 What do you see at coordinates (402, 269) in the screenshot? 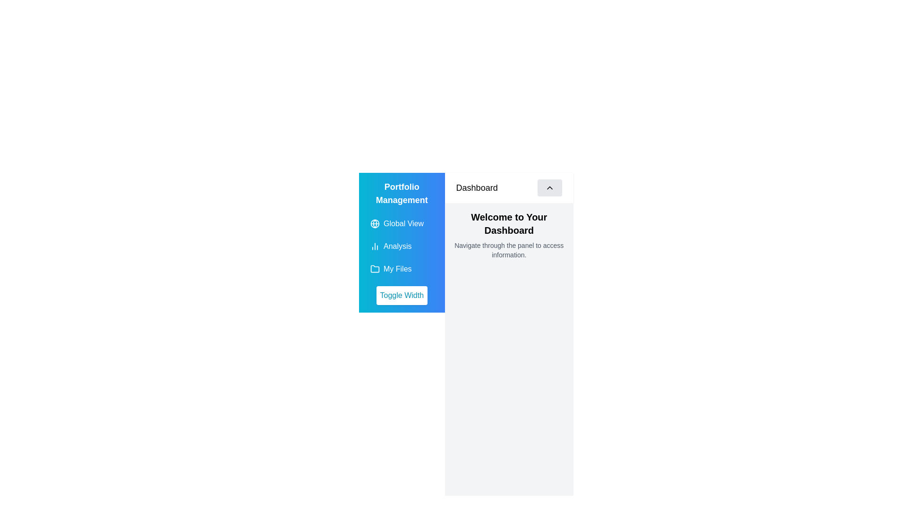
I see `the 'My Files' button in the vertical sidebar, which is located between the 'Analysis' and 'Toggle Width' buttons` at bounding box center [402, 269].